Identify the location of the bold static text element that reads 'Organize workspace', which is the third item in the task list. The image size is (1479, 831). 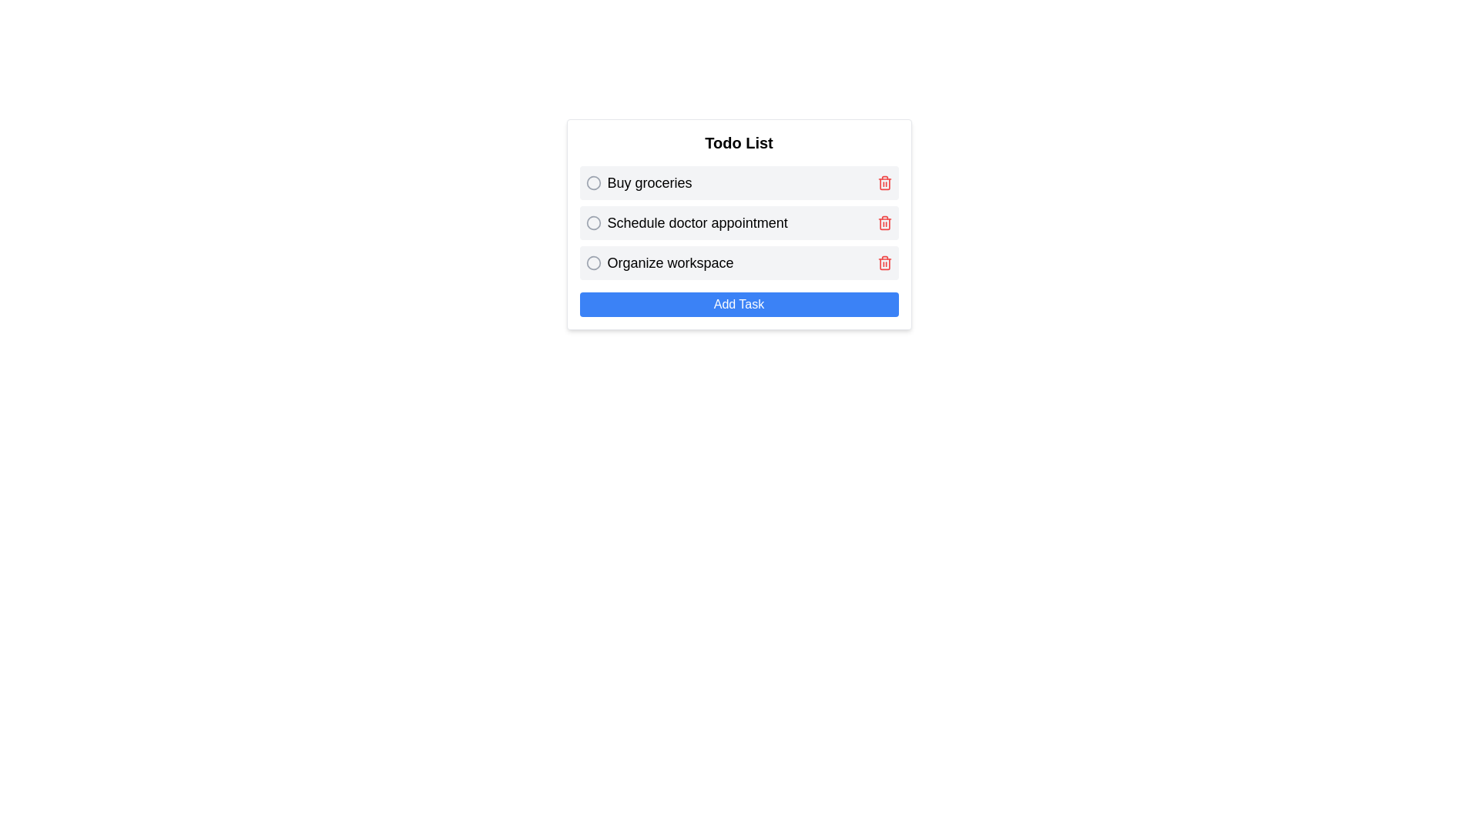
(670, 262).